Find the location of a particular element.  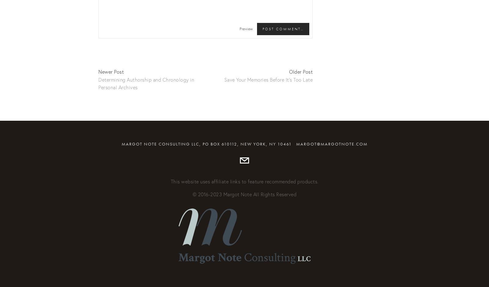

'This website uses affiliate links to feature recommended products.' is located at coordinates (244, 181).